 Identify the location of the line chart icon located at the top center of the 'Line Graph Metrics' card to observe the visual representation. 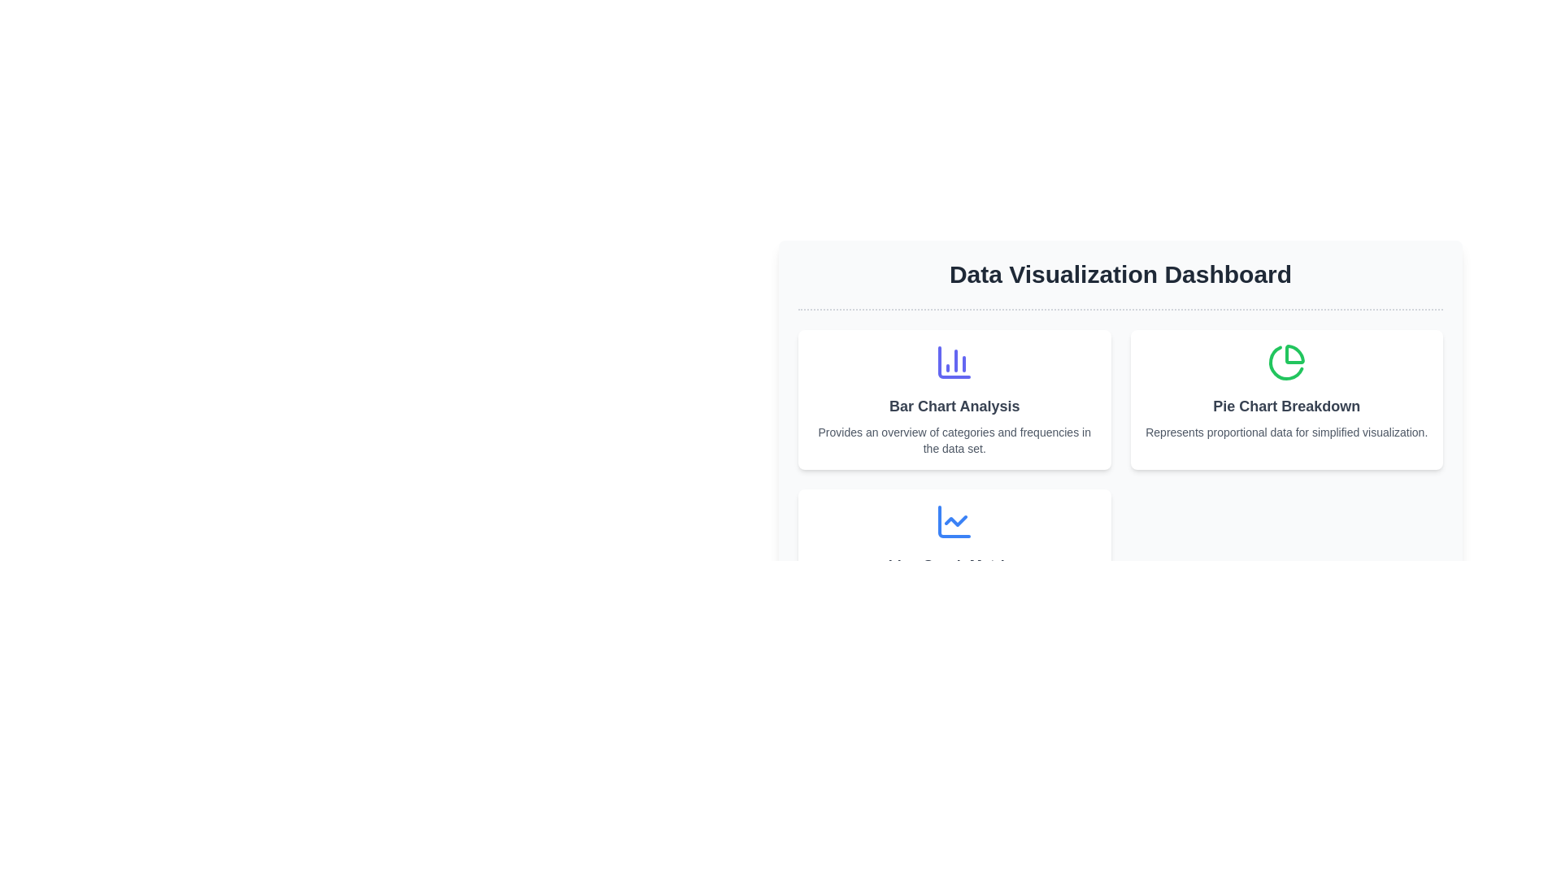
(954, 521).